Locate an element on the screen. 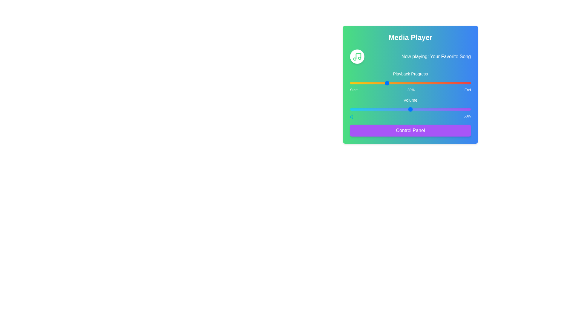 This screenshot has width=574, height=322. the volume slider to 58% is located at coordinates (420, 109).